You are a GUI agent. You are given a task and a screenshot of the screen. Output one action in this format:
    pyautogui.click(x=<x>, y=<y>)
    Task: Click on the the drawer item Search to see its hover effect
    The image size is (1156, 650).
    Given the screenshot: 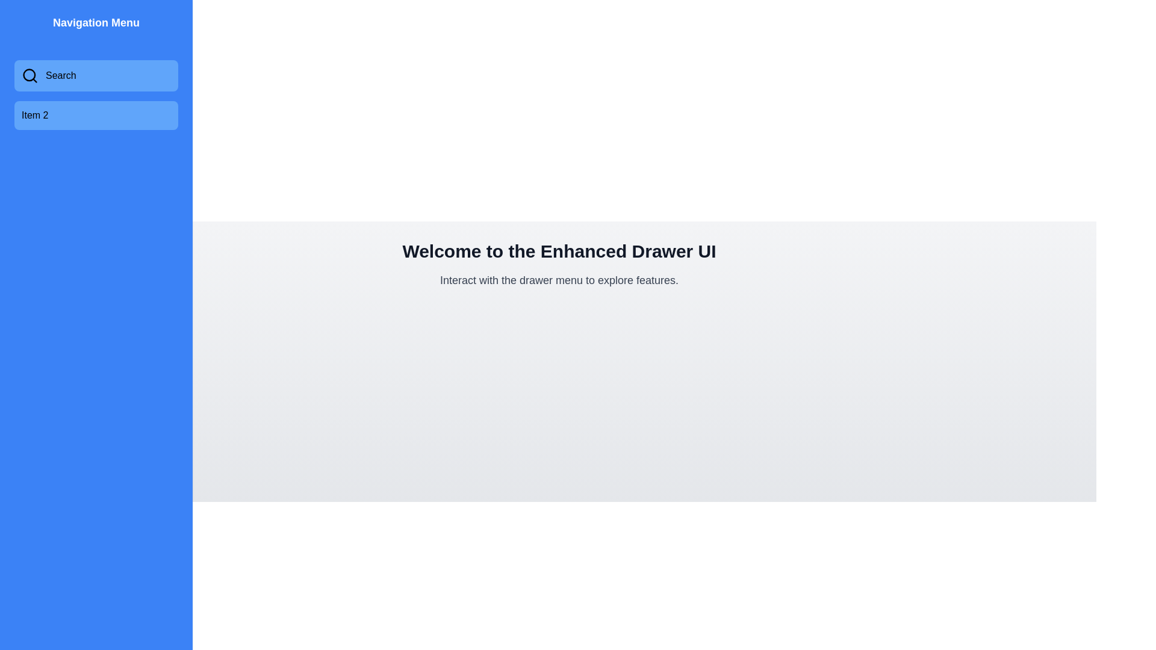 What is the action you would take?
    pyautogui.click(x=95, y=76)
    